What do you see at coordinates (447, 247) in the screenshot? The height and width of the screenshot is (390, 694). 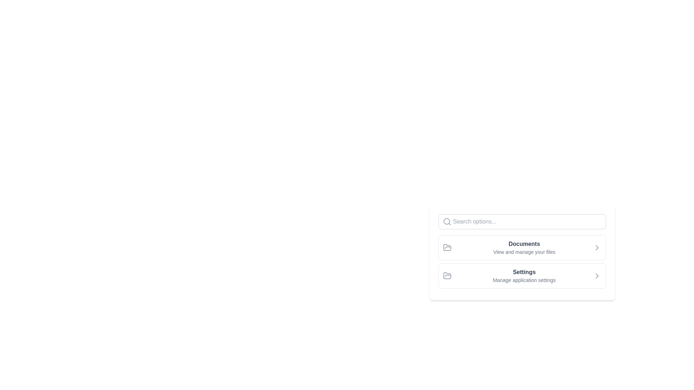 I see `the open folder icon, which is styled with a simple line design and located immediately below the documents icon in the content panel` at bounding box center [447, 247].